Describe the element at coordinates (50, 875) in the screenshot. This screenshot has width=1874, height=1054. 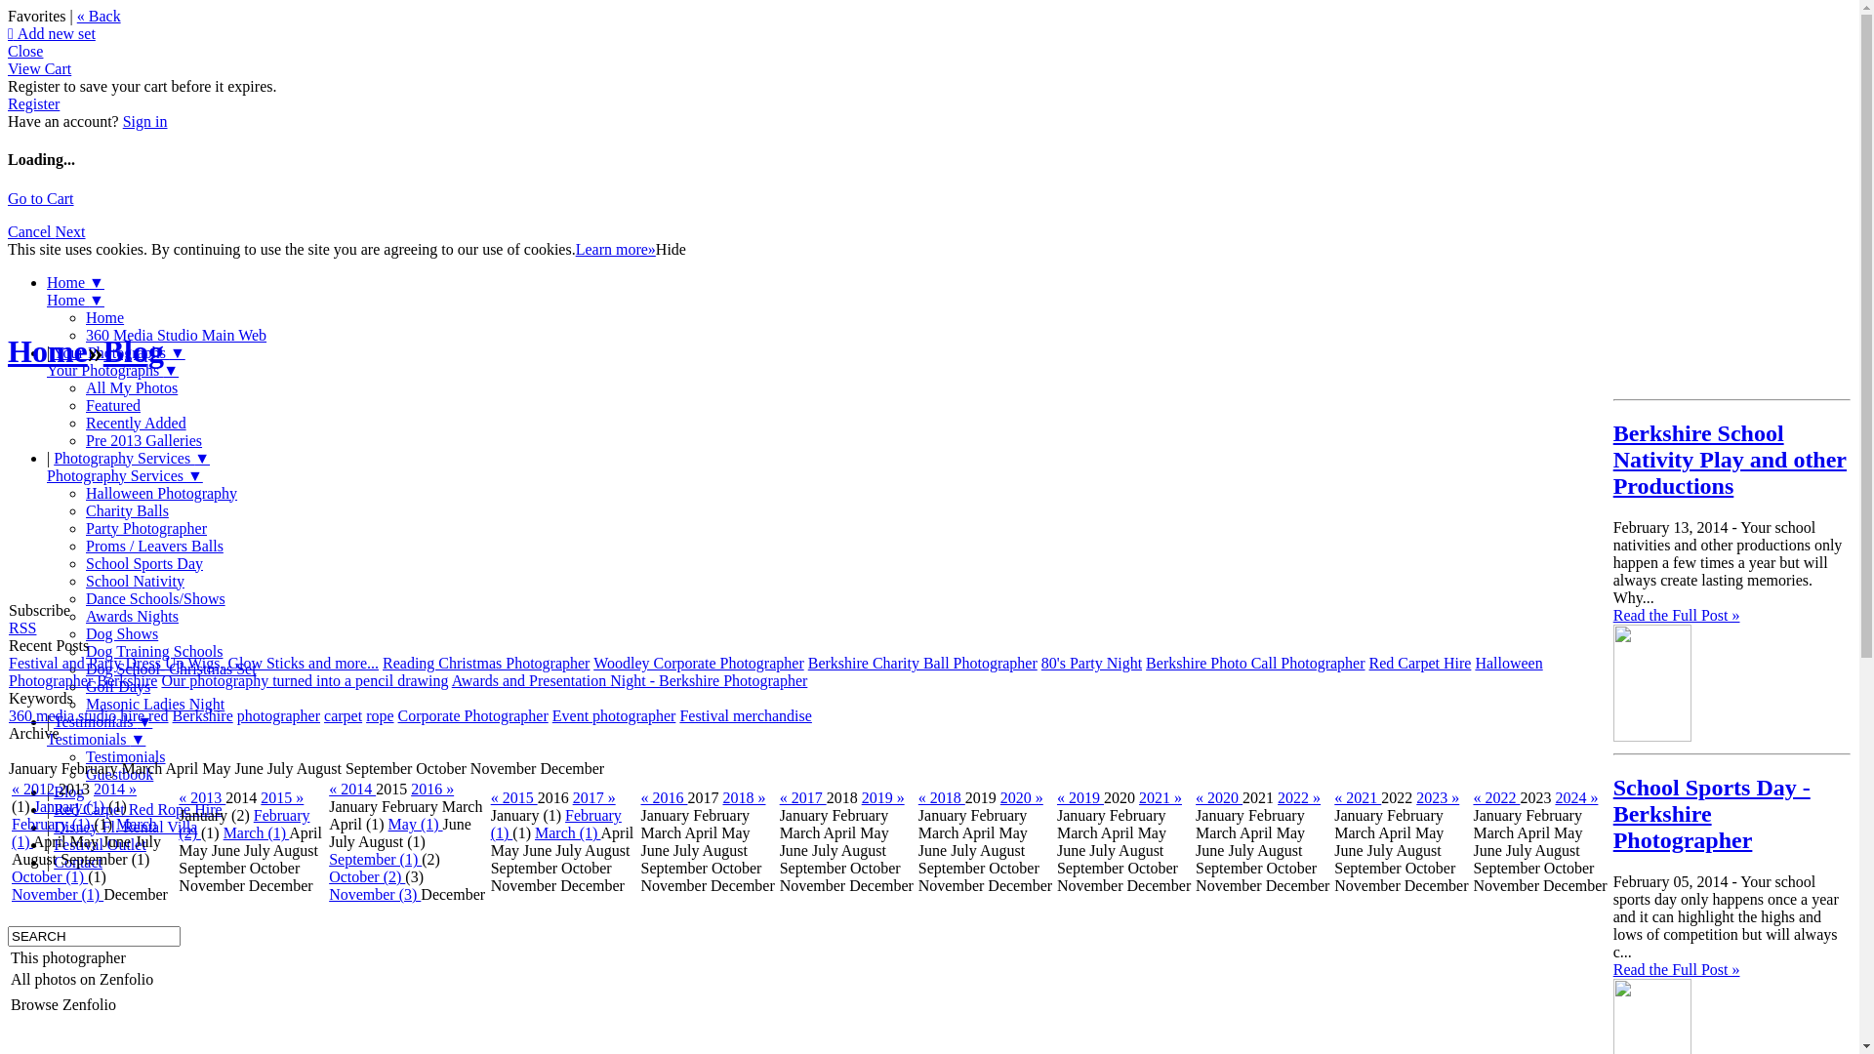
I see `'October (1)'` at that location.